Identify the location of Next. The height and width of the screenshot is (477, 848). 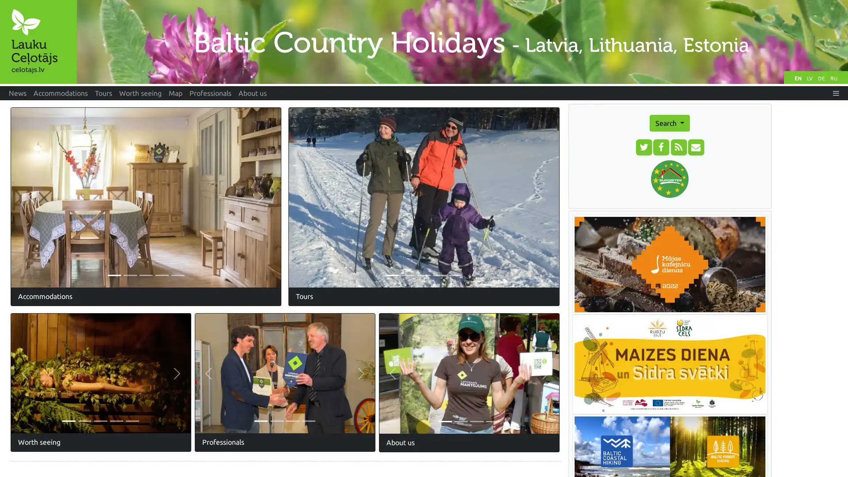
(361, 373).